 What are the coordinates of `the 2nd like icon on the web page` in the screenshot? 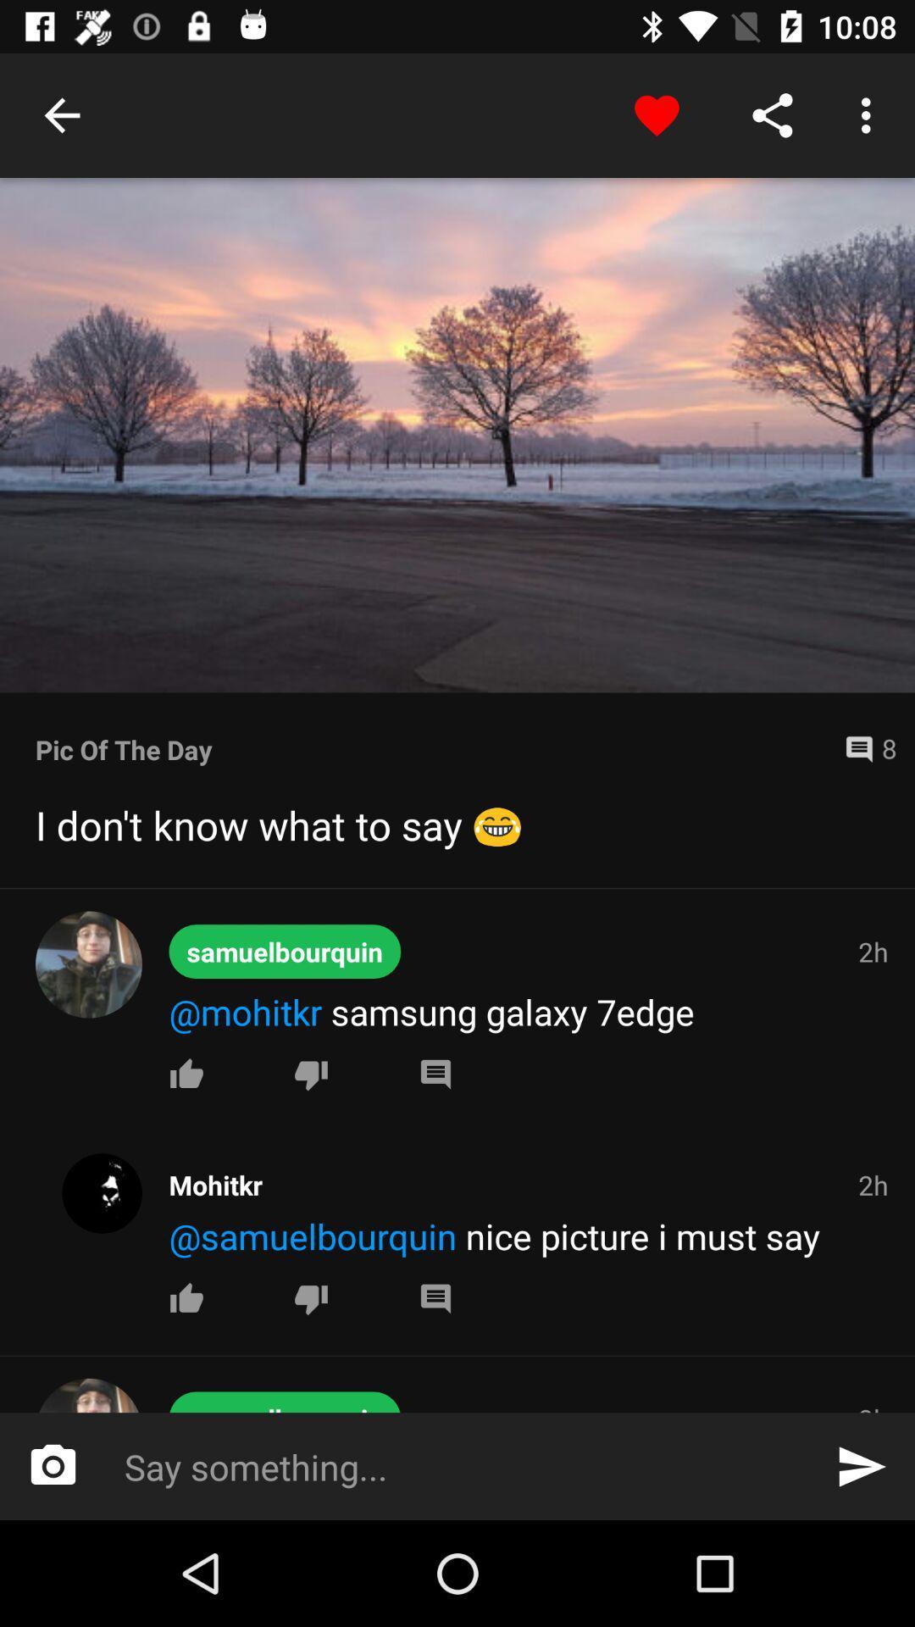 It's located at (186, 1297).